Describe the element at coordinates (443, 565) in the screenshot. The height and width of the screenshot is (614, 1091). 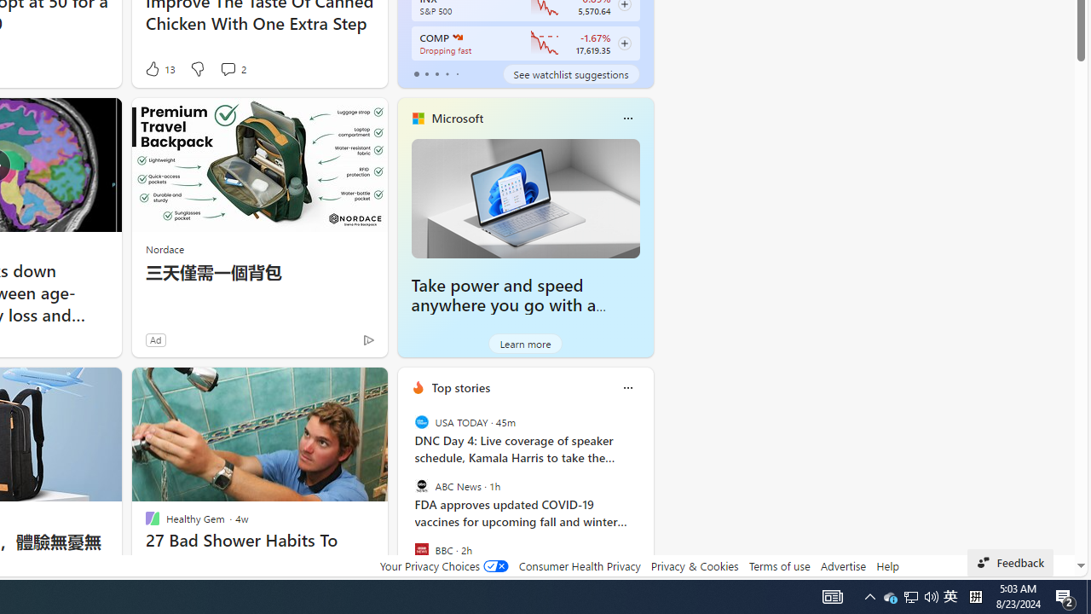
I see `'Your Privacy Choices'` at that location.